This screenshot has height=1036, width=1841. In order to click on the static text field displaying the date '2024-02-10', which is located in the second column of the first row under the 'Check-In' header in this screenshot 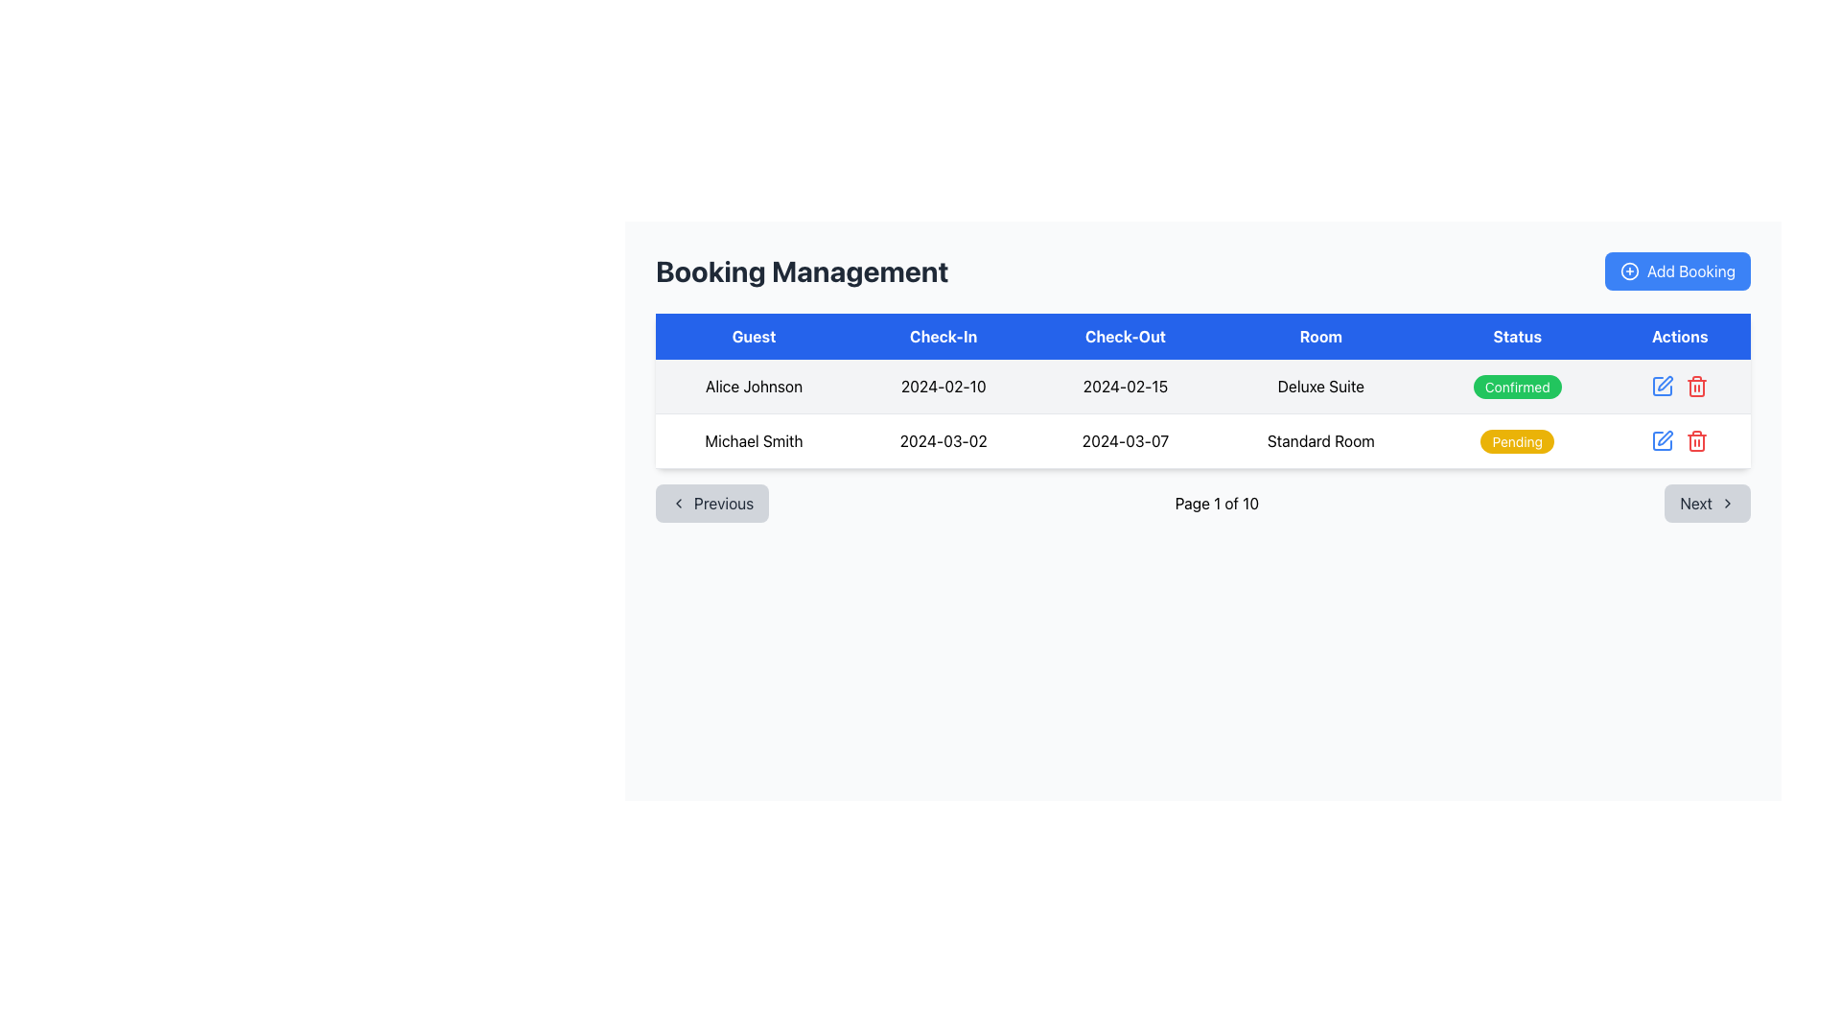, I will do `click(944, 387)`.